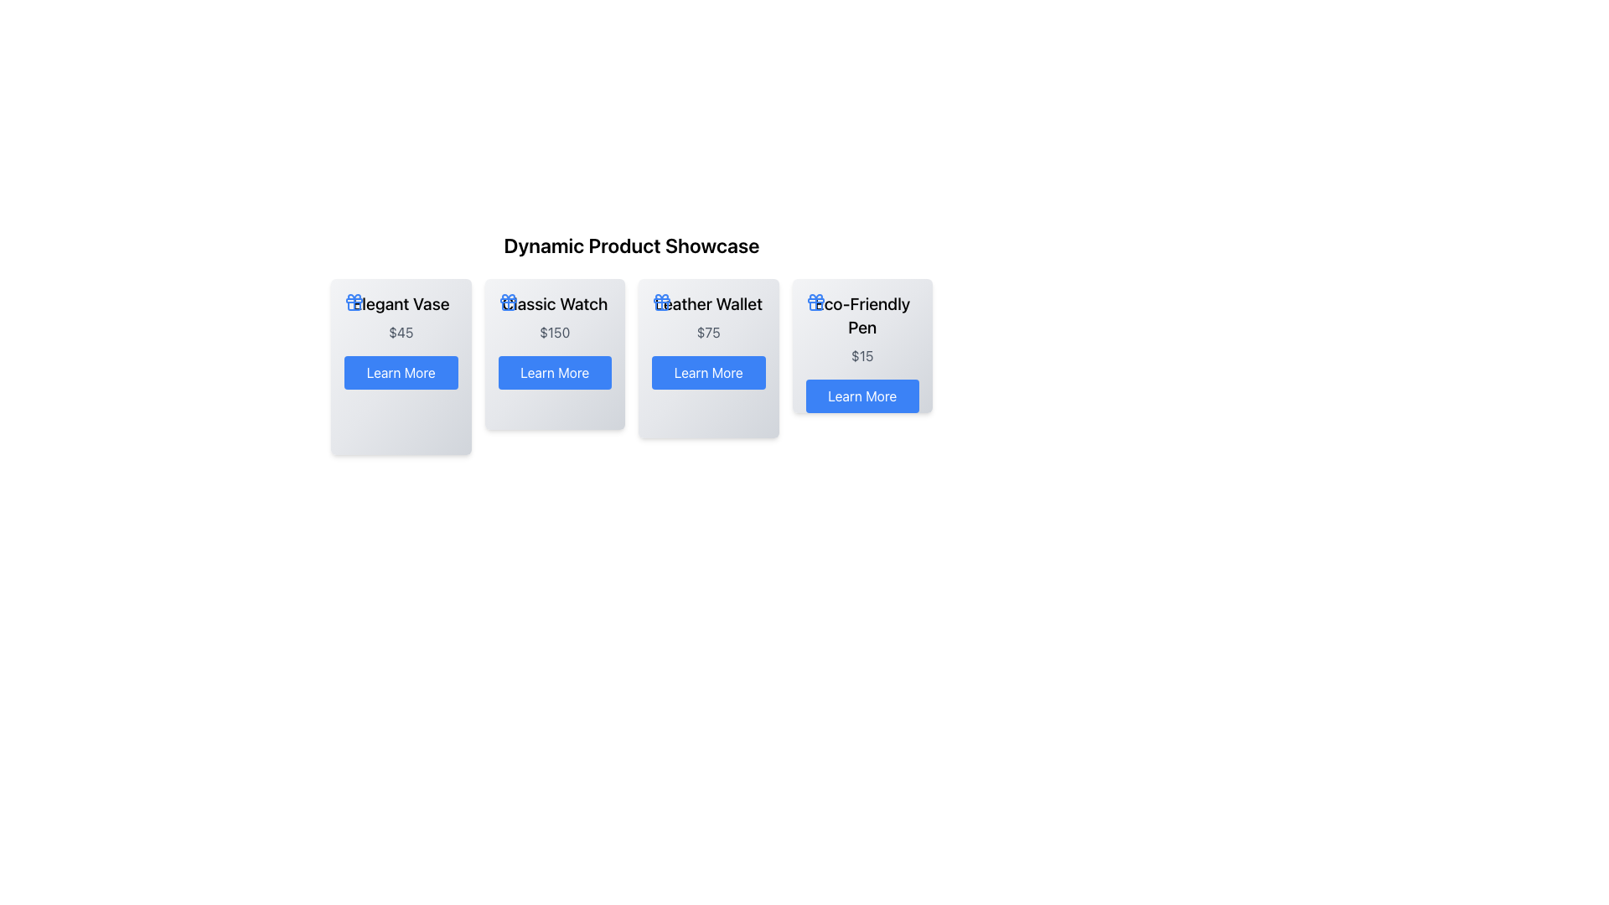 The width and height of the screenshot is (1609, 905). What do you see at coordinates (862, 354) in the screenshot?
I see `the price text label displaying '$15' for the 'Eco-Friendly Pen' product, which is styled in gray and positioned below the product title and above the 'Learn More' button` at bounding box center [862, 354].